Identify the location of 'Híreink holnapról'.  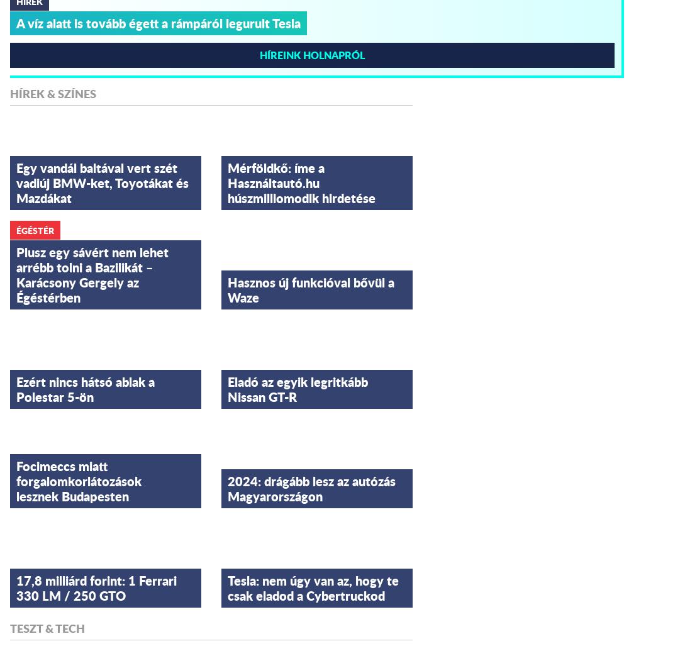
(312, 53).